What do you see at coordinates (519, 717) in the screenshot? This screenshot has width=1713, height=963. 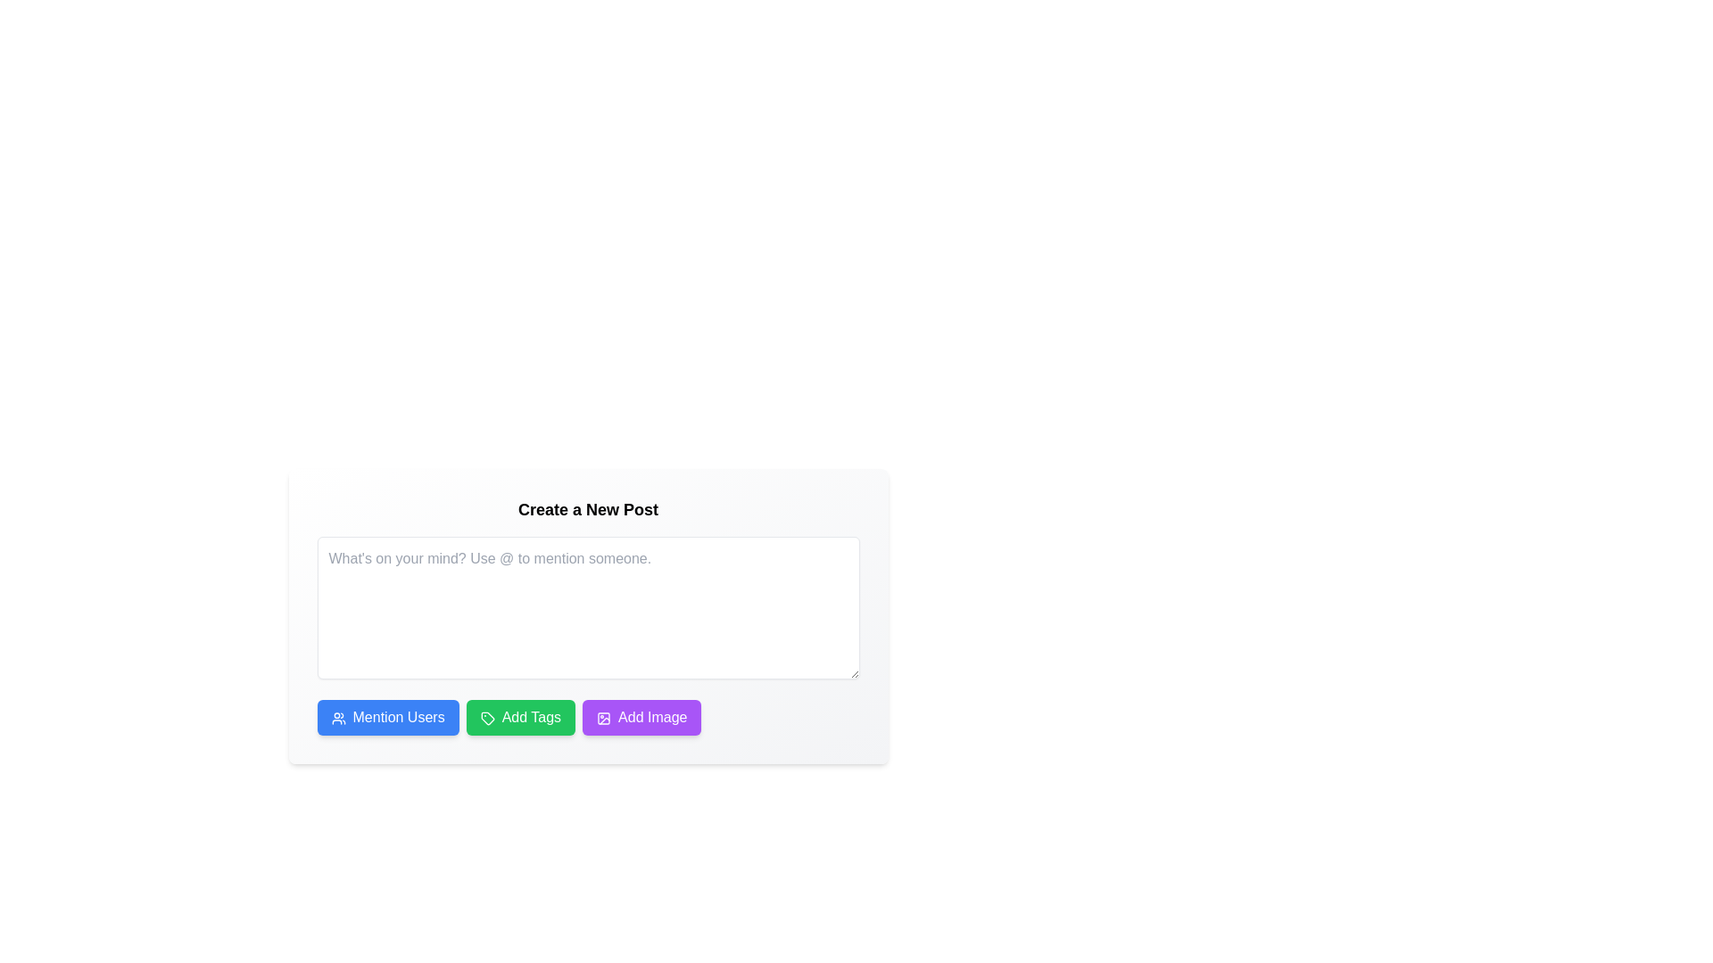 I see `the 'Add Tags' button, which is the second button in a horizontal row between the 'Mention Users' button and the 'Add Image' button` at bounding box center [519, 717].